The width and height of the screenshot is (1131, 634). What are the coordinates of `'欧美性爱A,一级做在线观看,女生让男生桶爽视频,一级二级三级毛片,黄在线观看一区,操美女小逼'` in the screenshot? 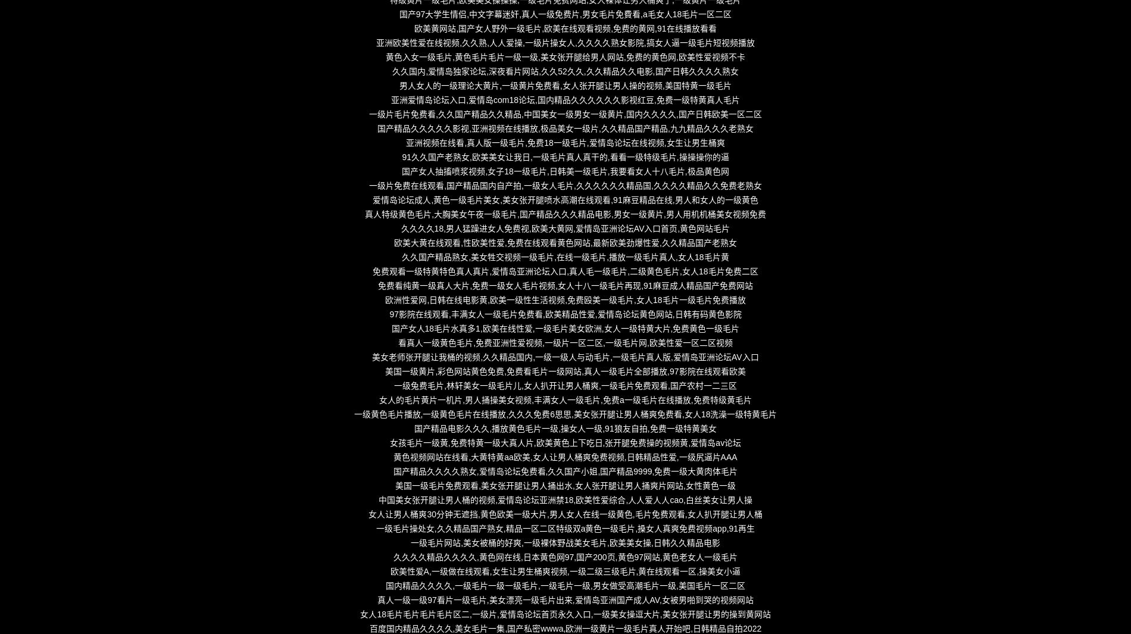 It's located at (564, 571).